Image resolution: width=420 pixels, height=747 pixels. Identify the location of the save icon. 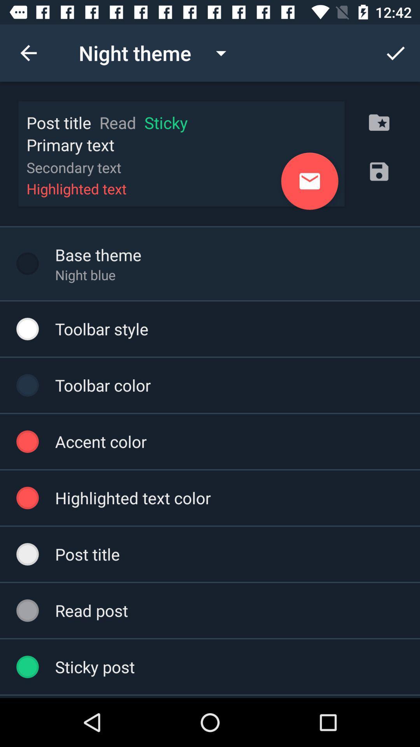
(379, 171).